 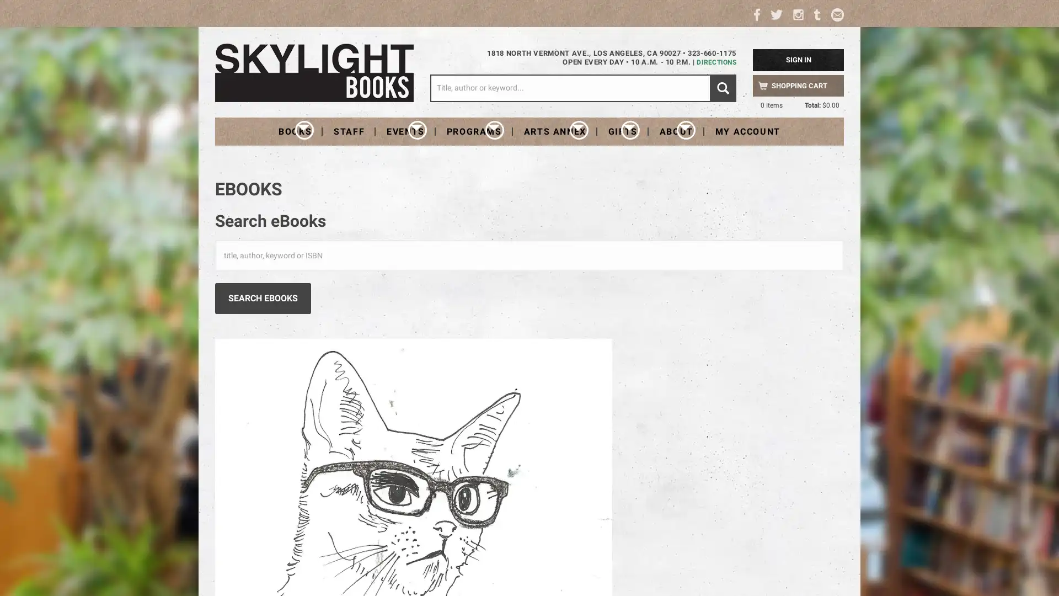 I want to click on search, so click(x=723, y=87).